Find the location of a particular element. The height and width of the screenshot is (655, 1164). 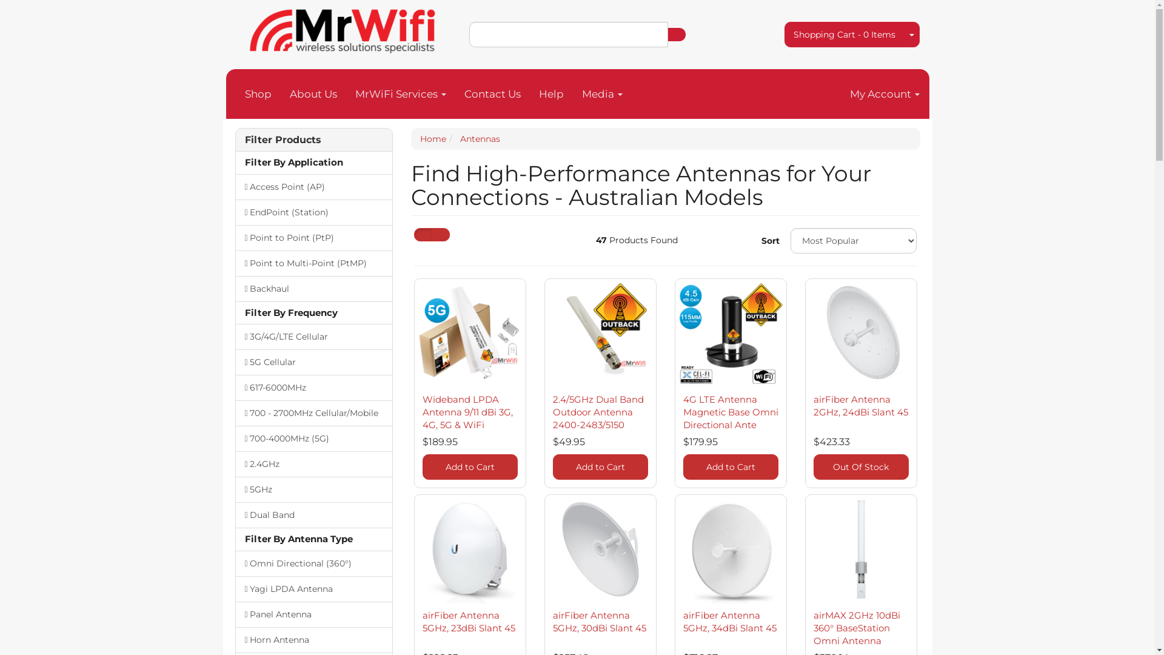

'About Us' is located at coordinates (312, 93).